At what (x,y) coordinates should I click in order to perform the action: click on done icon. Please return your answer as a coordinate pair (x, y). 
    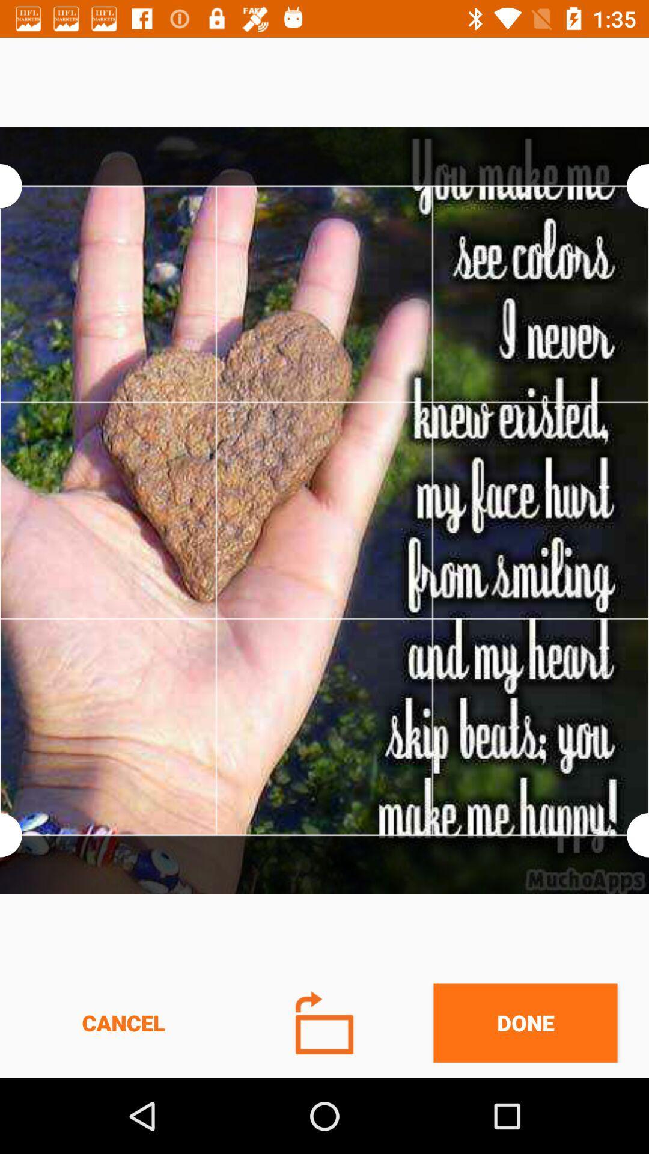
    Looking at the image, I should click on (525, 1022).